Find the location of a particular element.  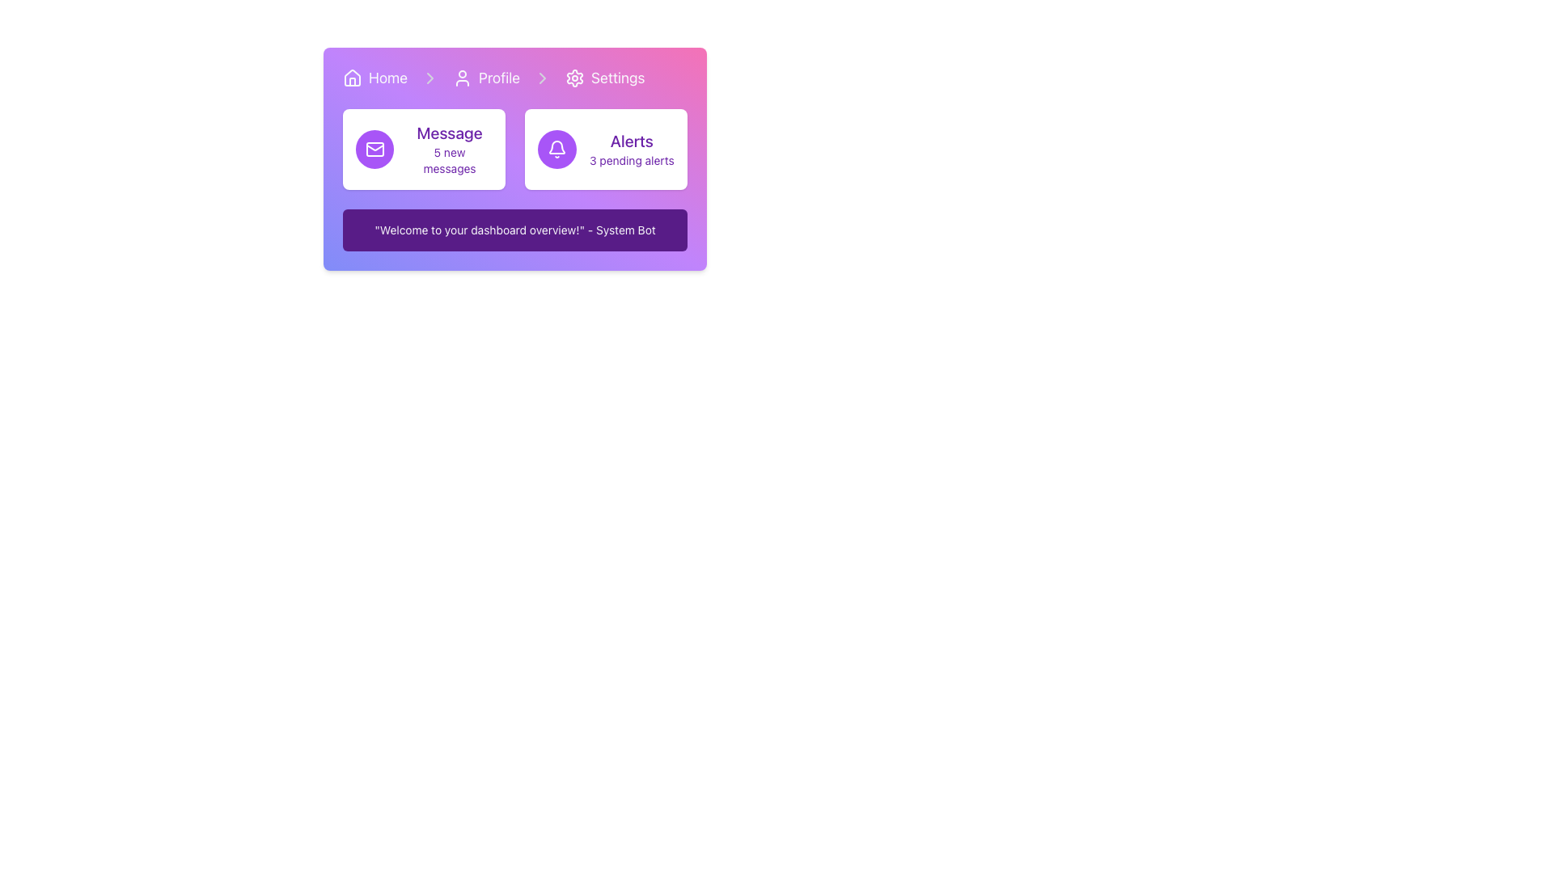

the navigation link located at the top of the interface, which is the first element in the horizontal navigation bar, positioned to the left of 'Profile' and 'Settings' is located at coordinates (374, 78).